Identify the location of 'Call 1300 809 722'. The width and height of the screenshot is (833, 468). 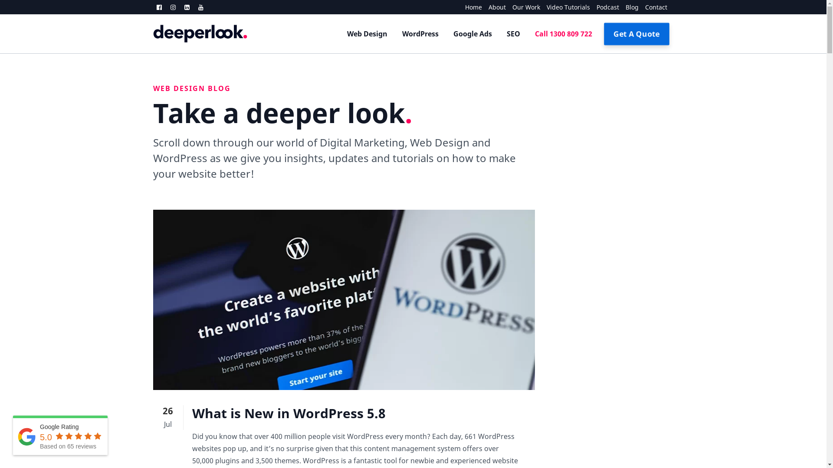
(527, 33).